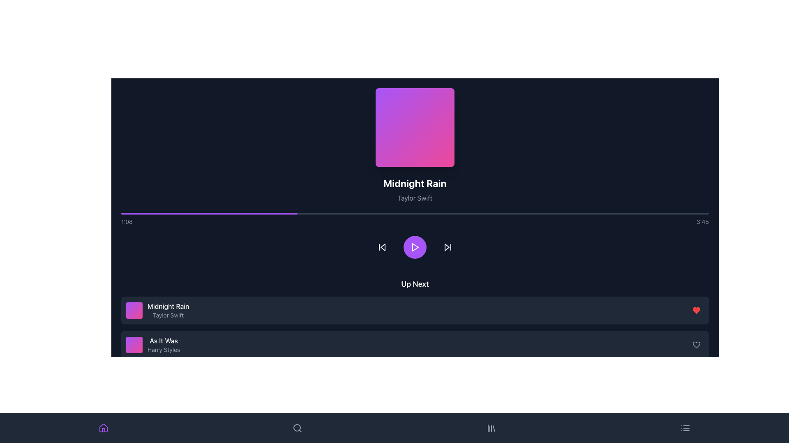 Image resolution: width=789 pixels, height=443 pixels. What do you see at coordinates (696, 345) in the screenshot?
I see `the heart icon` at bounding box center [696, 345].